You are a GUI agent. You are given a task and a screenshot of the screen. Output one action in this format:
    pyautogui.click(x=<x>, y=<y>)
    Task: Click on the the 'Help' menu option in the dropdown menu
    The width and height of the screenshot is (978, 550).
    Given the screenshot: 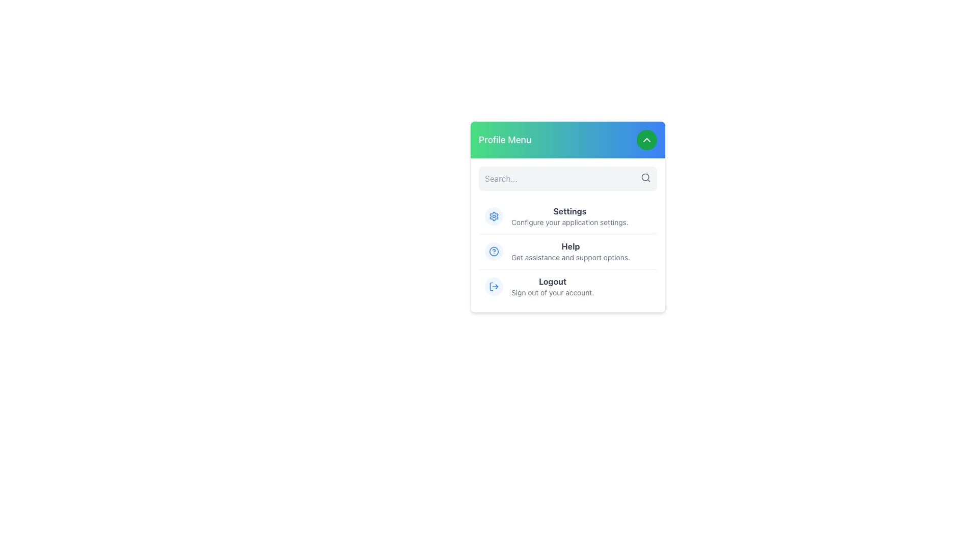 What is the action you would take?
    pyautogui.click(x=567, y=251)
    